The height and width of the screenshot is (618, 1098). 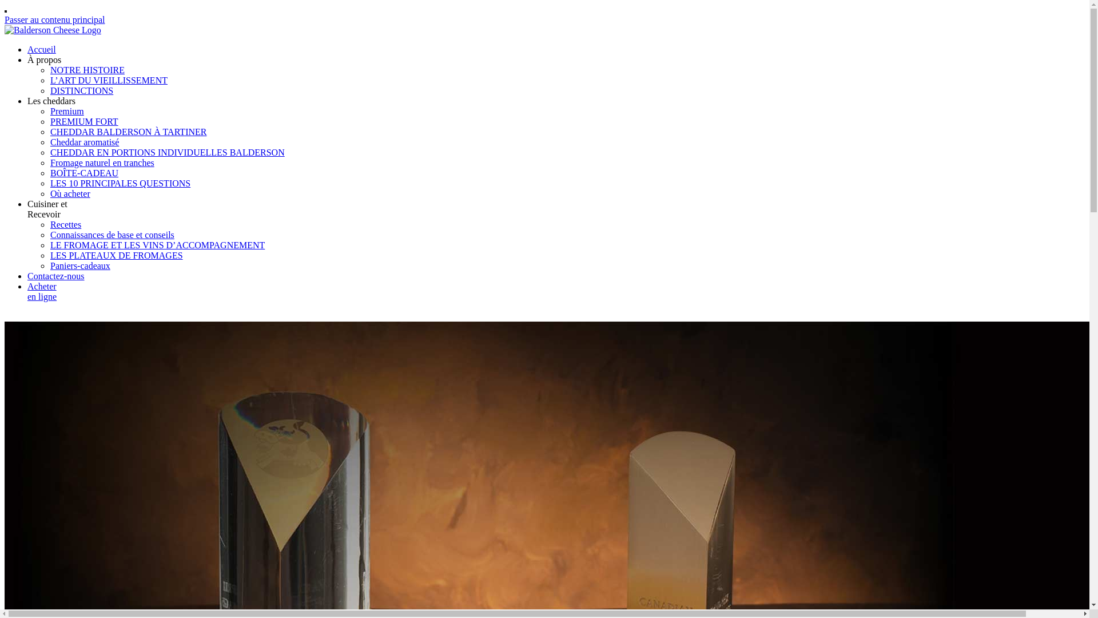 I want to click on 'Accueil', so click(x=41, y=49).